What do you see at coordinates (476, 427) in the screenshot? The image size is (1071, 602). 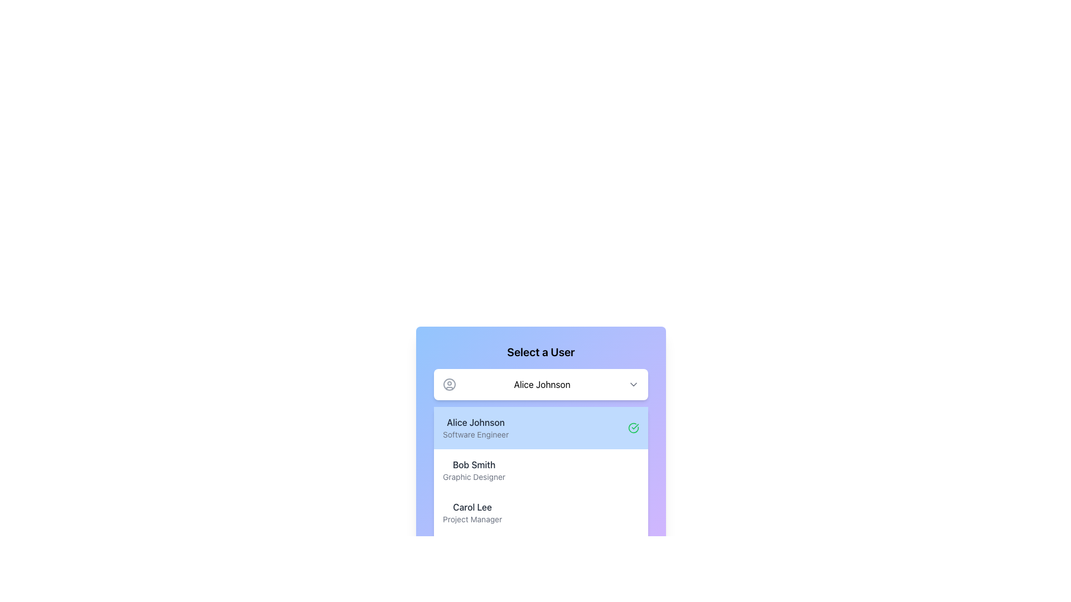 I see `the list item displaying 'Alice Johnson'` at bounding box center [476, 427].